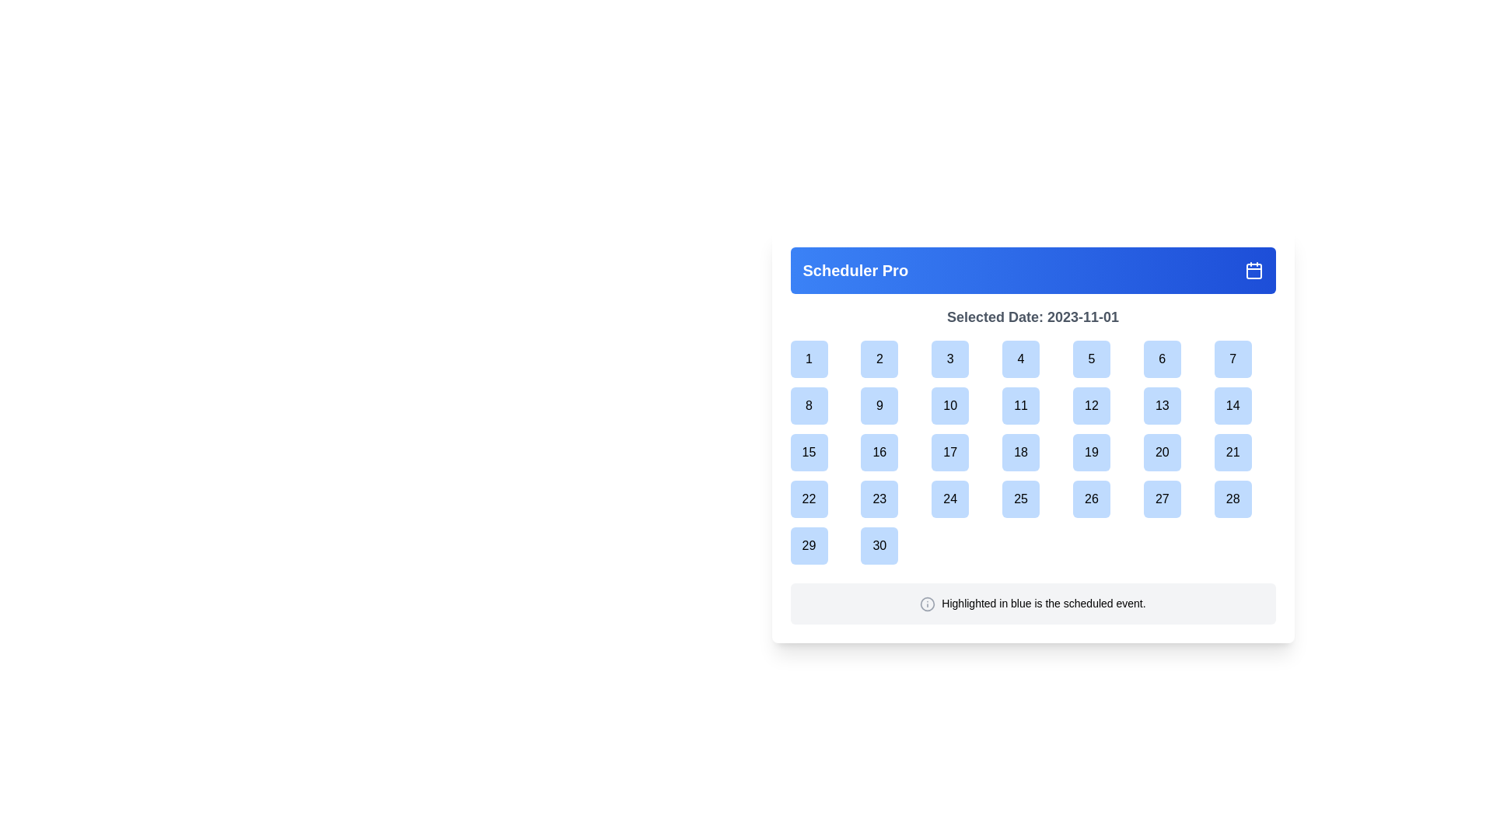 Image resolution: width=1493 pixels, height=840 pixels. Describe the element at coordinates (1033, 436) in the screenshot. I see `the button representing the date '18' in the calendar` at that location.